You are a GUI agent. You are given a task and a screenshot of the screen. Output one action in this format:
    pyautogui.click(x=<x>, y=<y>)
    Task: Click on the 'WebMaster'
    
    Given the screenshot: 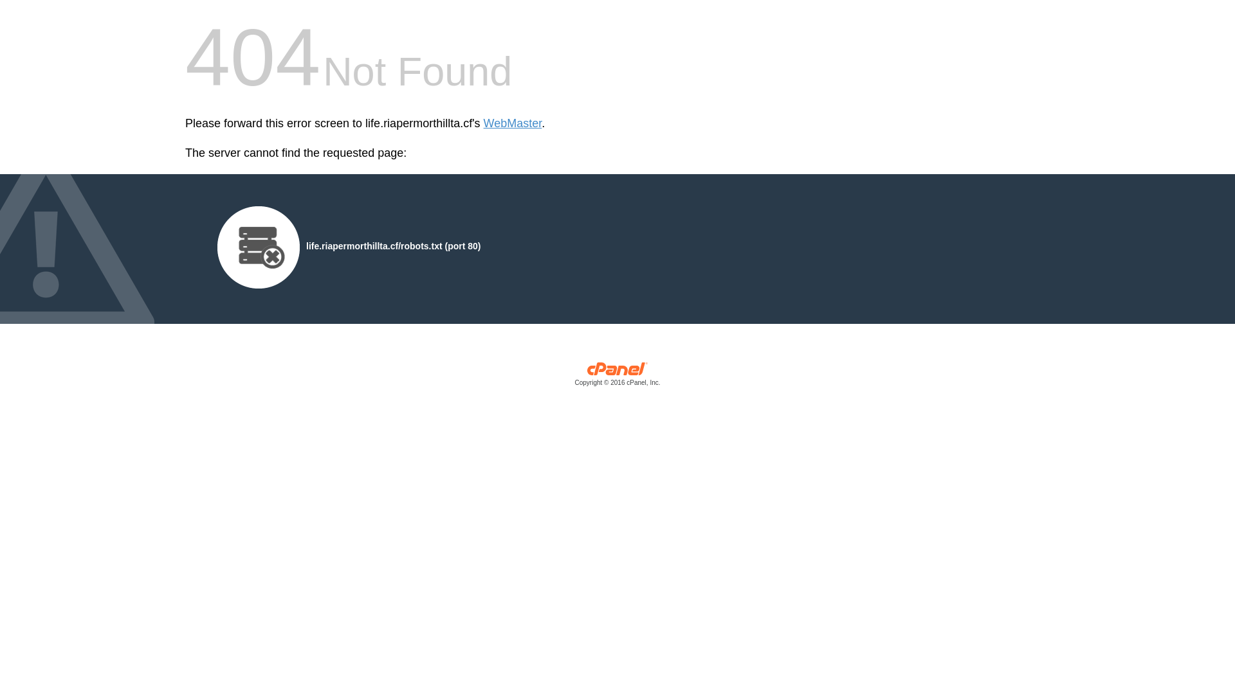 What is the action you would take?
    pyautogui.click(x=512, y=123)
    